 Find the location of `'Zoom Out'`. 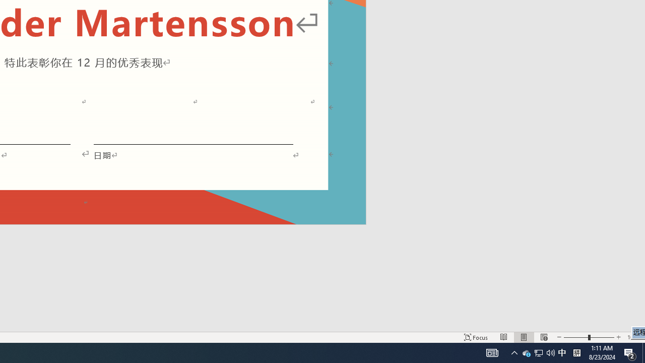

'Zoom Out' is located at coordinates (576, 337).